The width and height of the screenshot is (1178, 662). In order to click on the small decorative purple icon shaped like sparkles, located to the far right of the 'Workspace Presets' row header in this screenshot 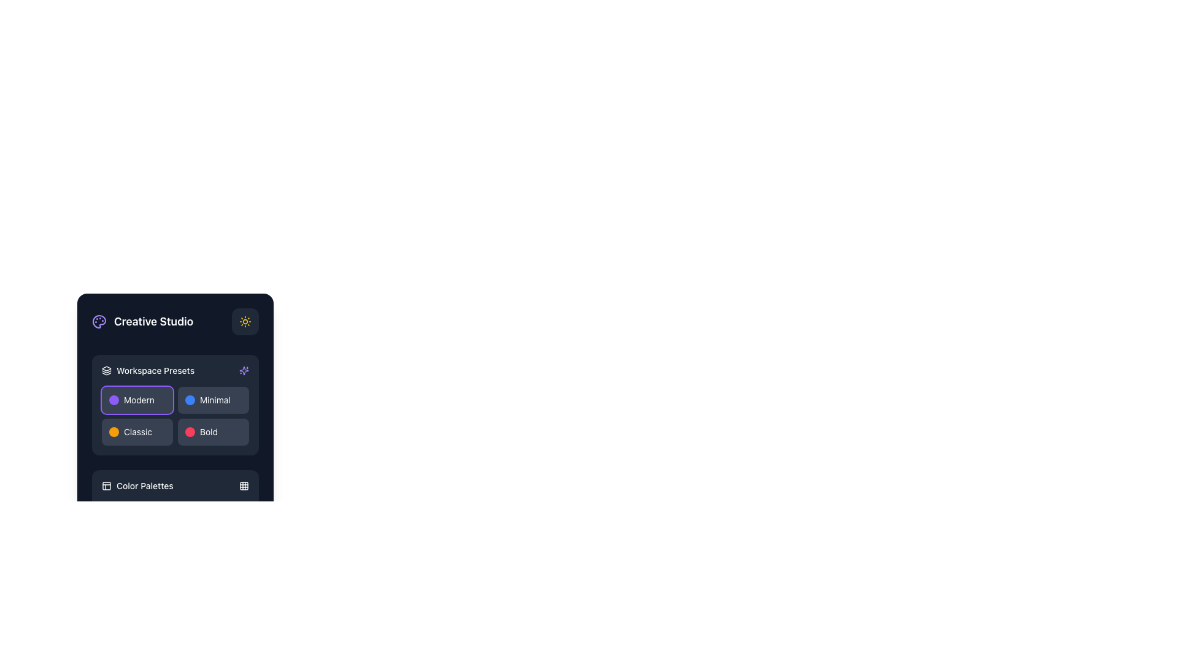, I will do `click(244, 370)`.